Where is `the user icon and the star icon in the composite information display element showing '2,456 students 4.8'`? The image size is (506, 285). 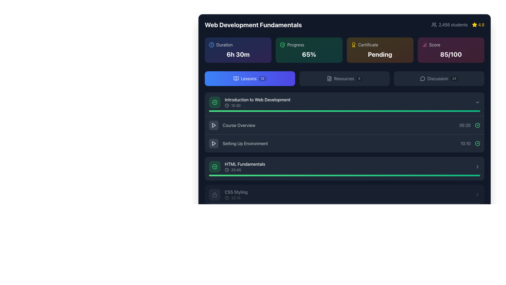
the user icon and the star icon in the composite information display element showing '2,456 students 4.8' is located at coordinates (458, 25).